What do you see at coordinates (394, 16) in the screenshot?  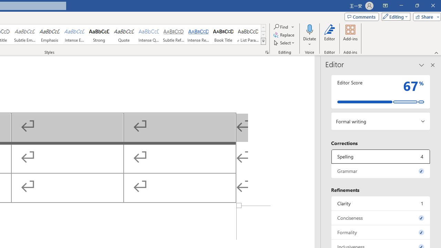 I see `'Editing'` at bounding box center [394, 16].